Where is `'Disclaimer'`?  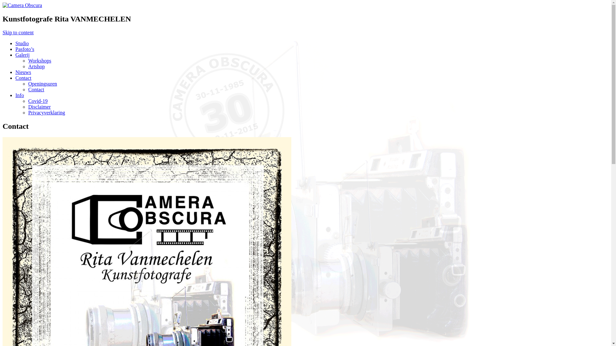
'Disclaimer' is located at coordinates (39, 106).